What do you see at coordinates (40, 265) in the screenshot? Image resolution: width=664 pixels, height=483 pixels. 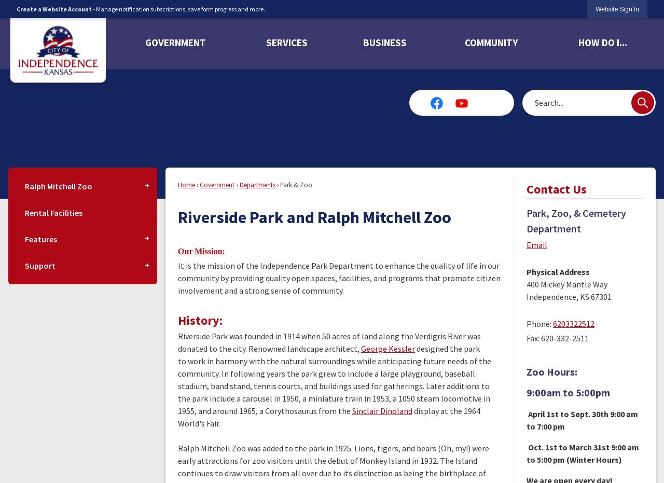 I see `'Support'` at bounding box center [40, 265].